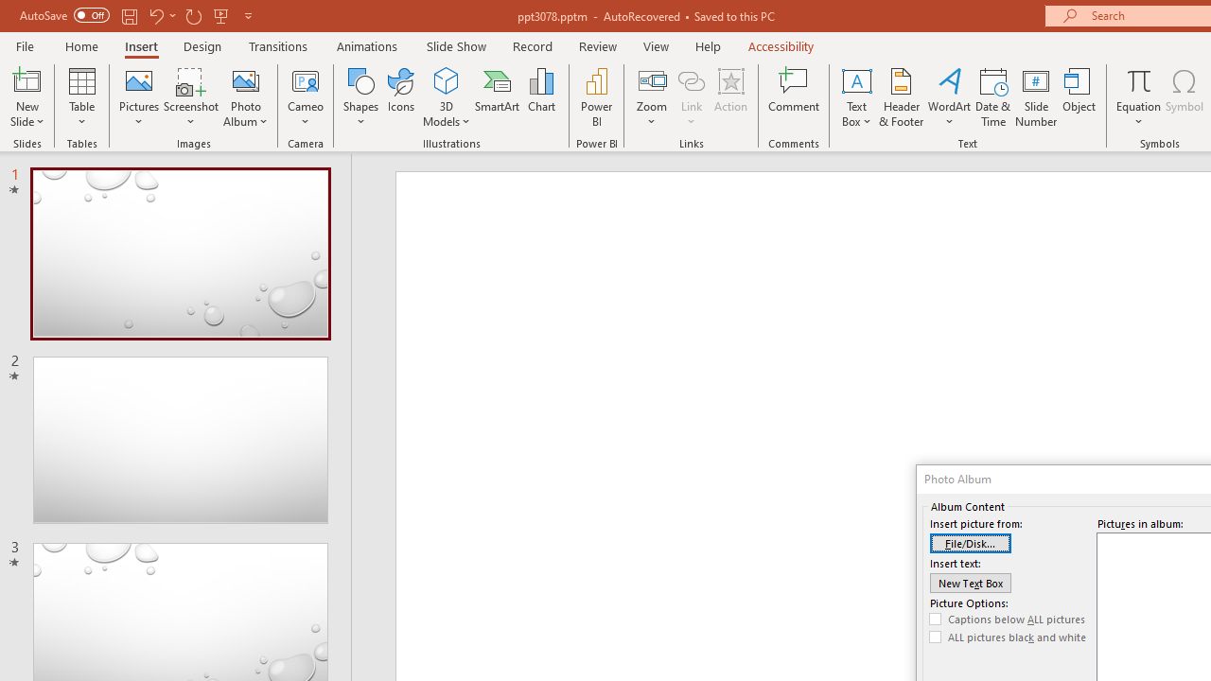 The height and width of the screenshot is (681, 1211). What do you see at coordinates (1079, 97) in the screenshot?
I see `'Object...'` at bounding box center [1079, 97].